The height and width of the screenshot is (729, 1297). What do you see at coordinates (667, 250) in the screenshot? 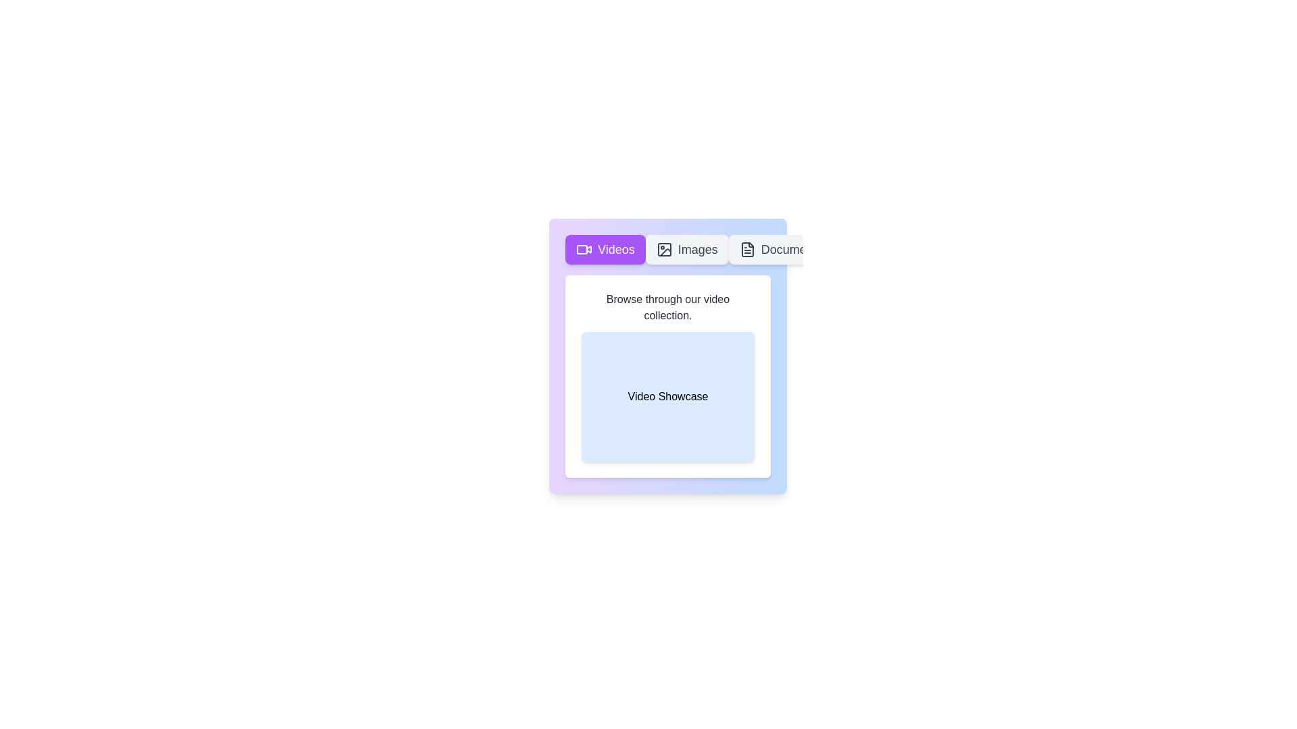
I see `the 'Images' tab, which is the second tab from the left` at bounding box center [667, 250].